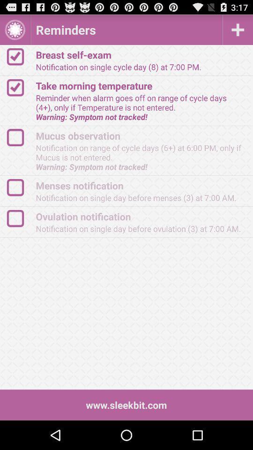 This screenshot has height=450, width=253. Describe the element at coordinates (20, 137) in the screenshot. I see `put tick` at that location.